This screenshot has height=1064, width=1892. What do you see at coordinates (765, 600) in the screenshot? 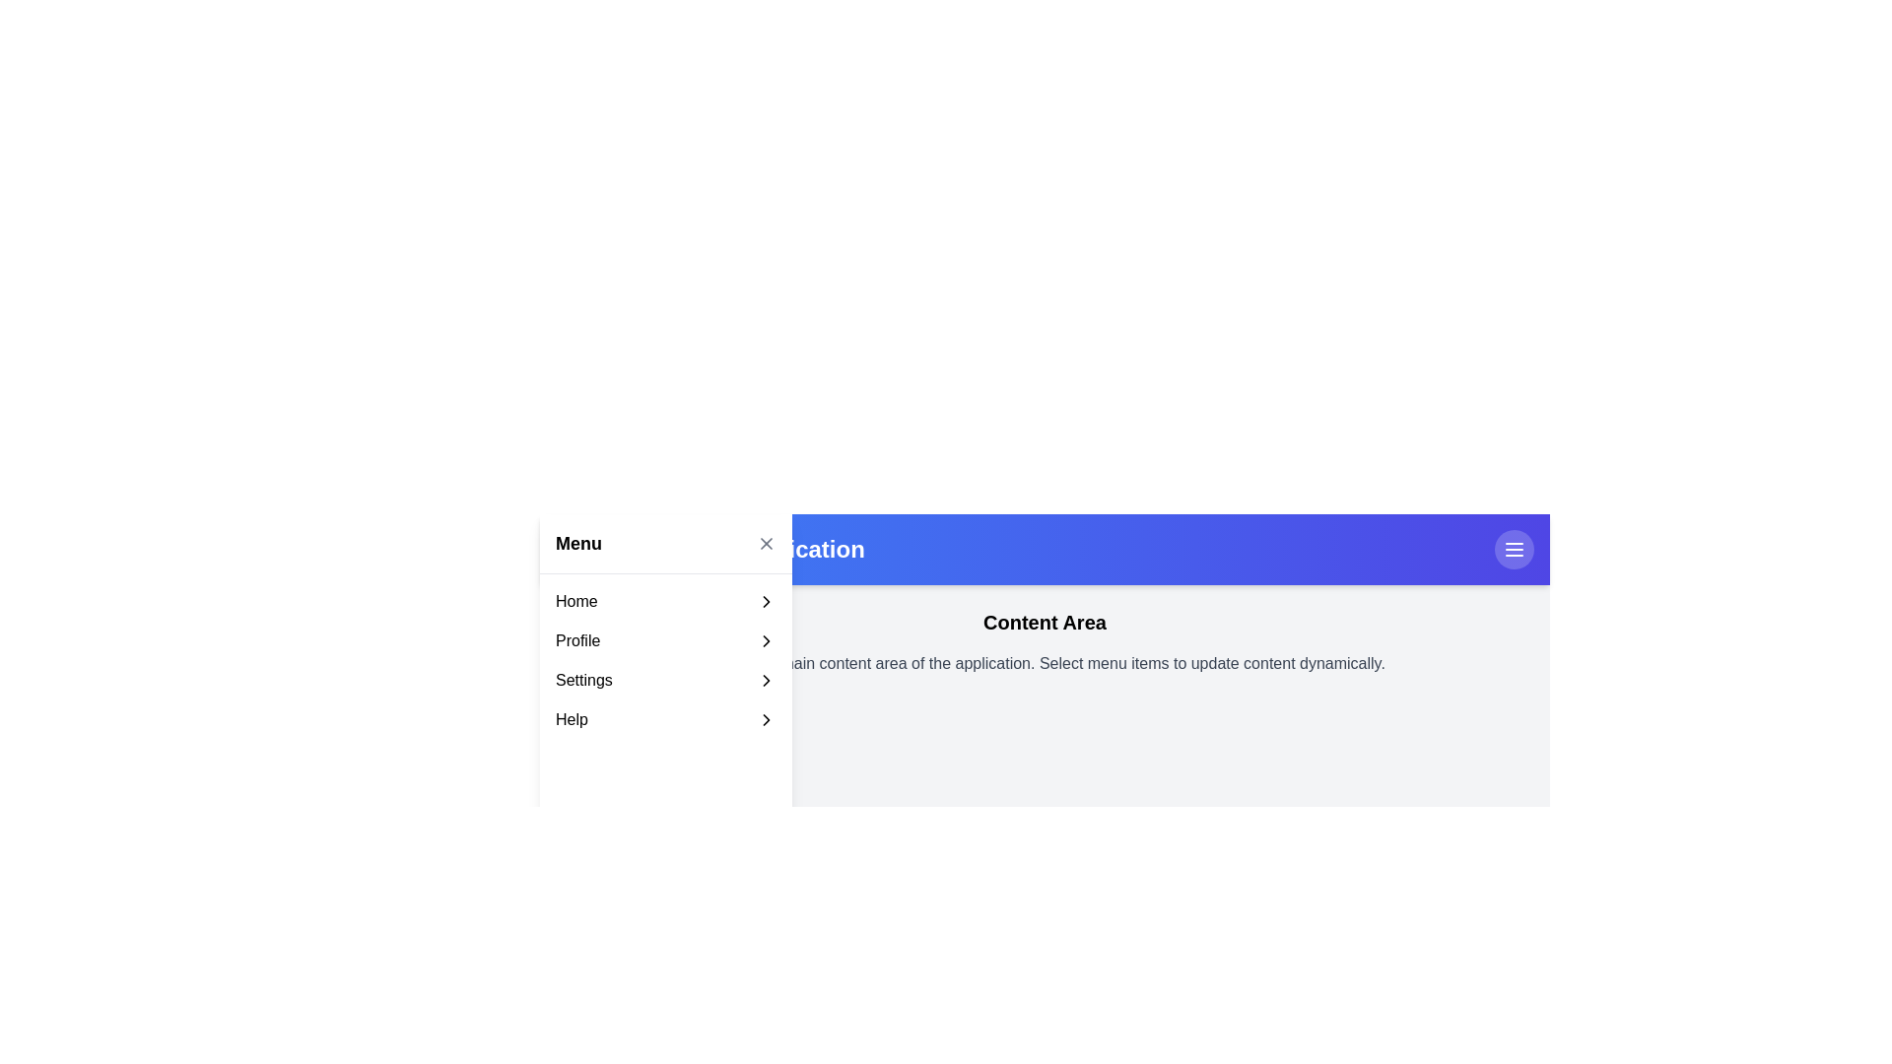
I see `the right-facing chevron arrow icon which is a minimalist design with a black outline, located to the right of the 'Home' text label` at bounding box center [765, 600].